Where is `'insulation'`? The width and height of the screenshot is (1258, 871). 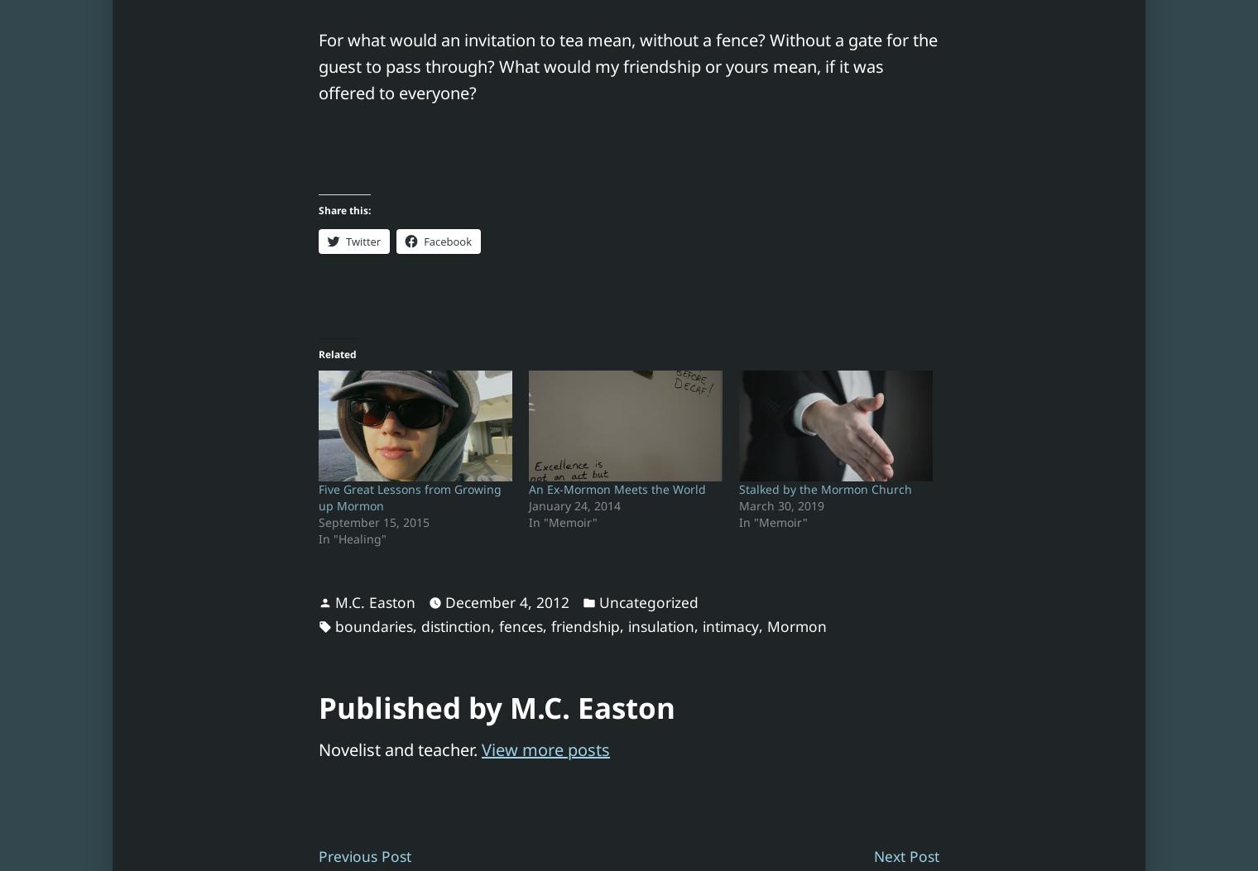 'insulation' is located at coordinates (660, 625).